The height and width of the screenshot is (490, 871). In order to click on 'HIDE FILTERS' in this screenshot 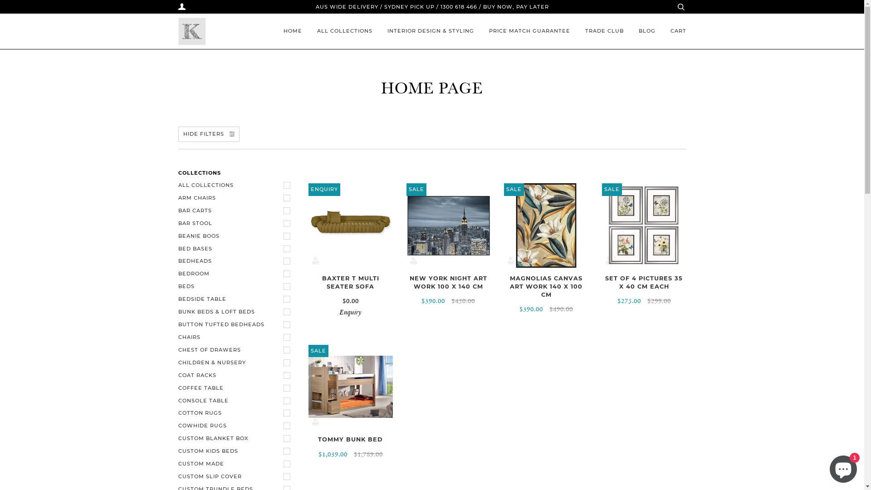, I will do `click(208, 134)`.